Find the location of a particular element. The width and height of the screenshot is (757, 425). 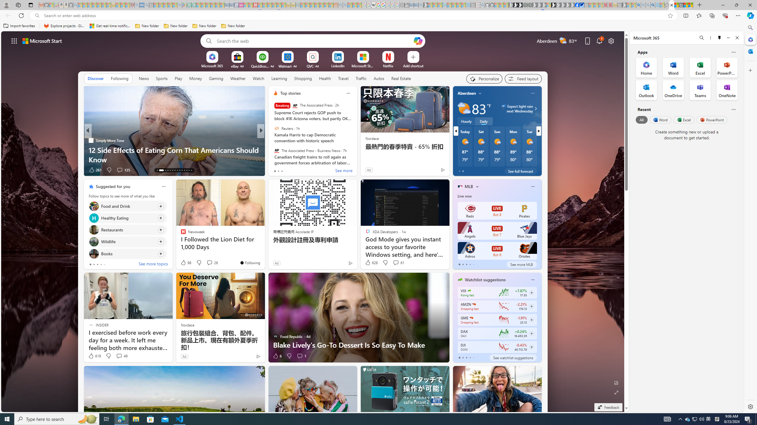

'Personalize your feed"' is located at coordinates (484, 79).